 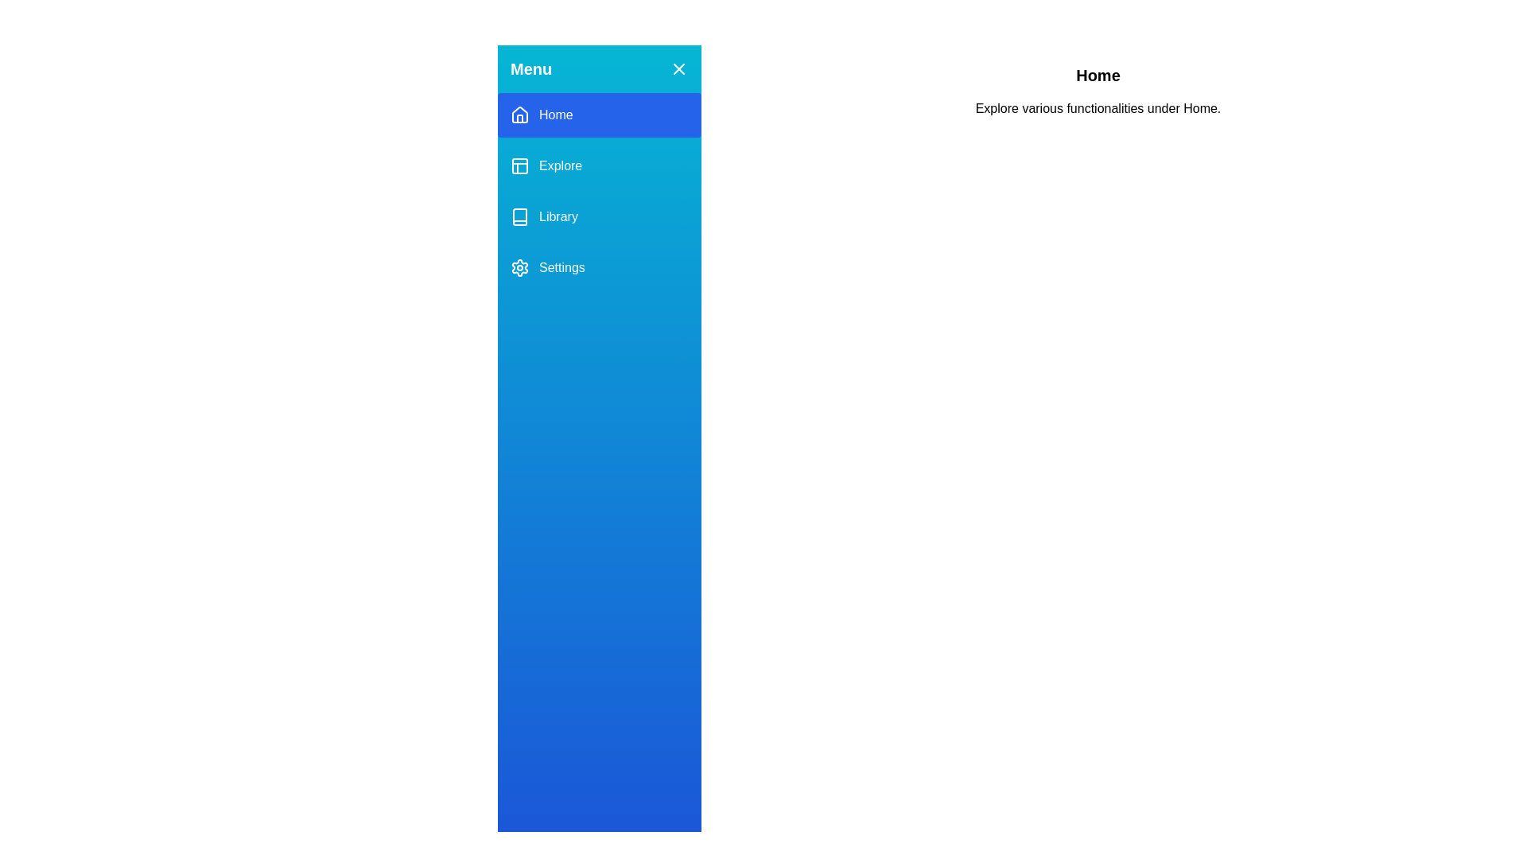 What do you see at coordinates (598, 115) in the screenshot?
I see `the Home section from the menu` at bounding box center [598, 115].